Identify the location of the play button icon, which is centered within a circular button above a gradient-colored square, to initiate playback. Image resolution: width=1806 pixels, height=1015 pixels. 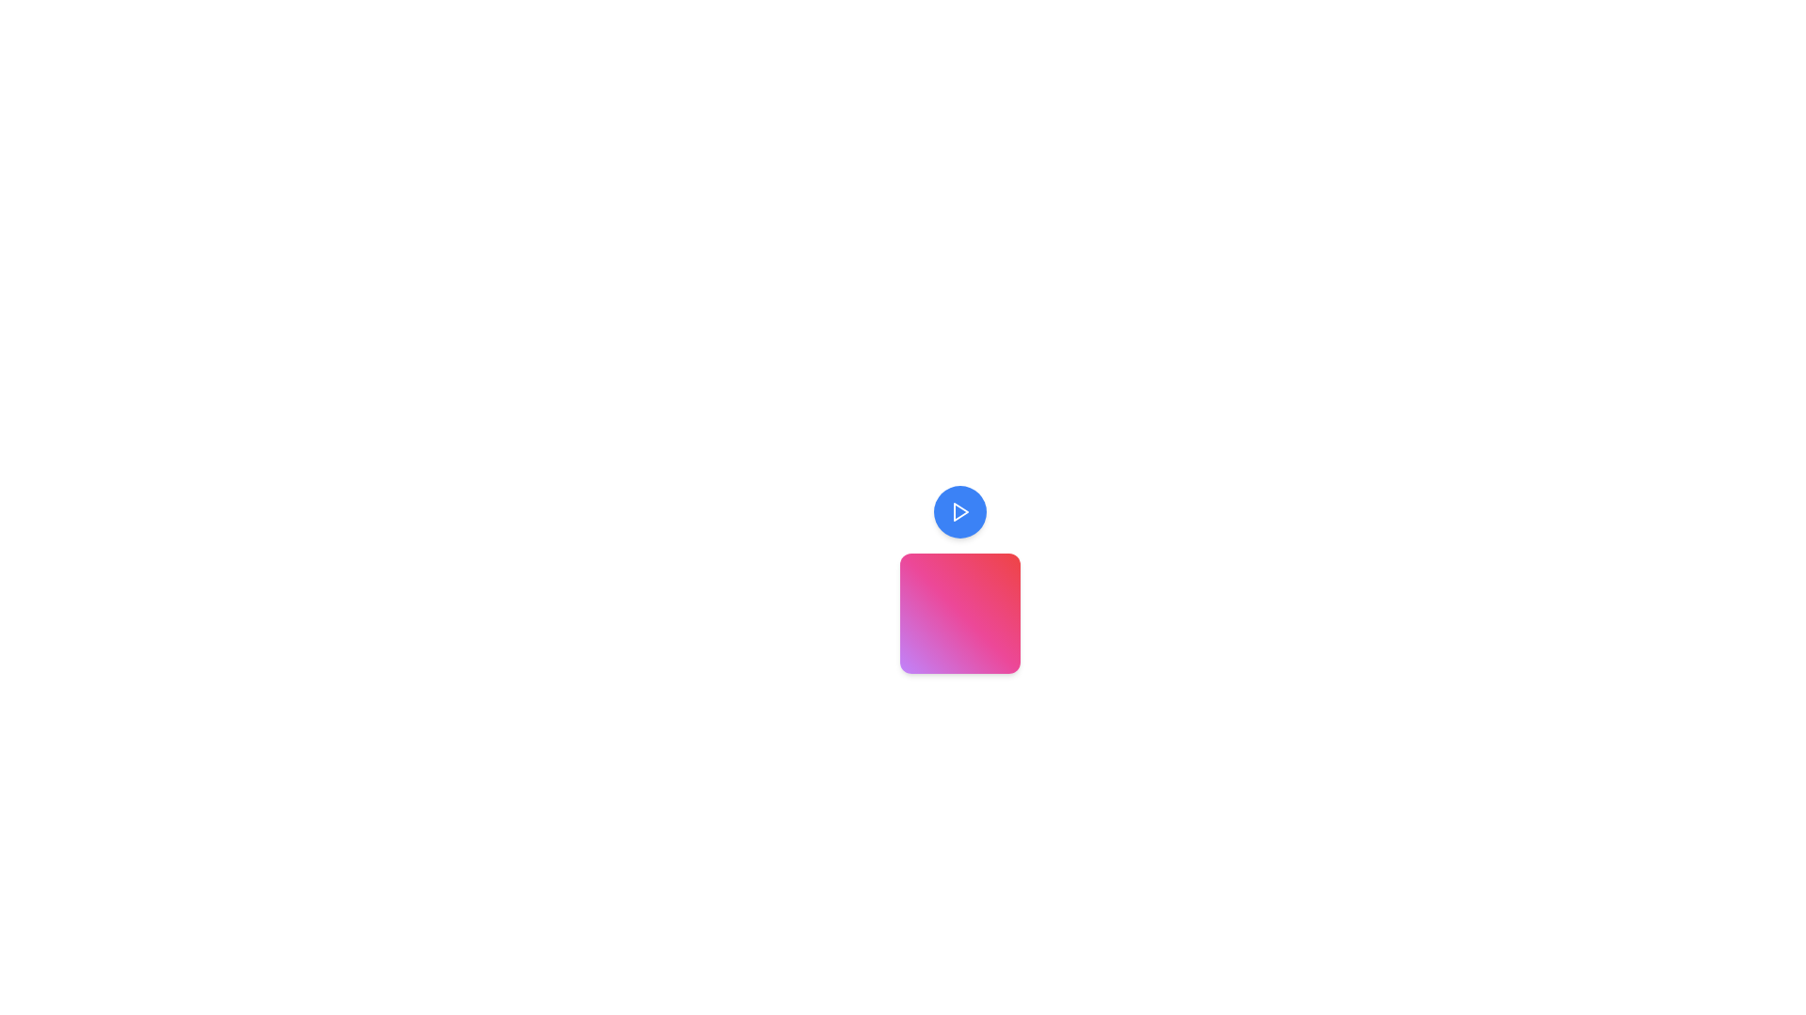
(959, 511).